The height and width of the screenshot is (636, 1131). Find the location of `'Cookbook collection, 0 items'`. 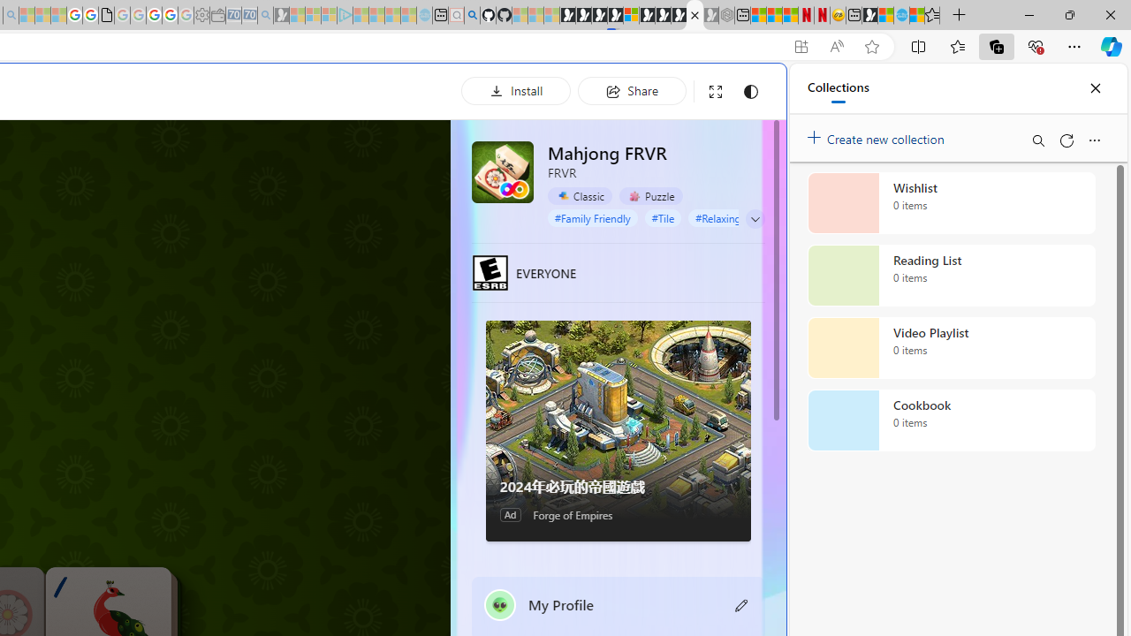

'Cookbook collection, 0 items' is located at coordinates (951, 420).